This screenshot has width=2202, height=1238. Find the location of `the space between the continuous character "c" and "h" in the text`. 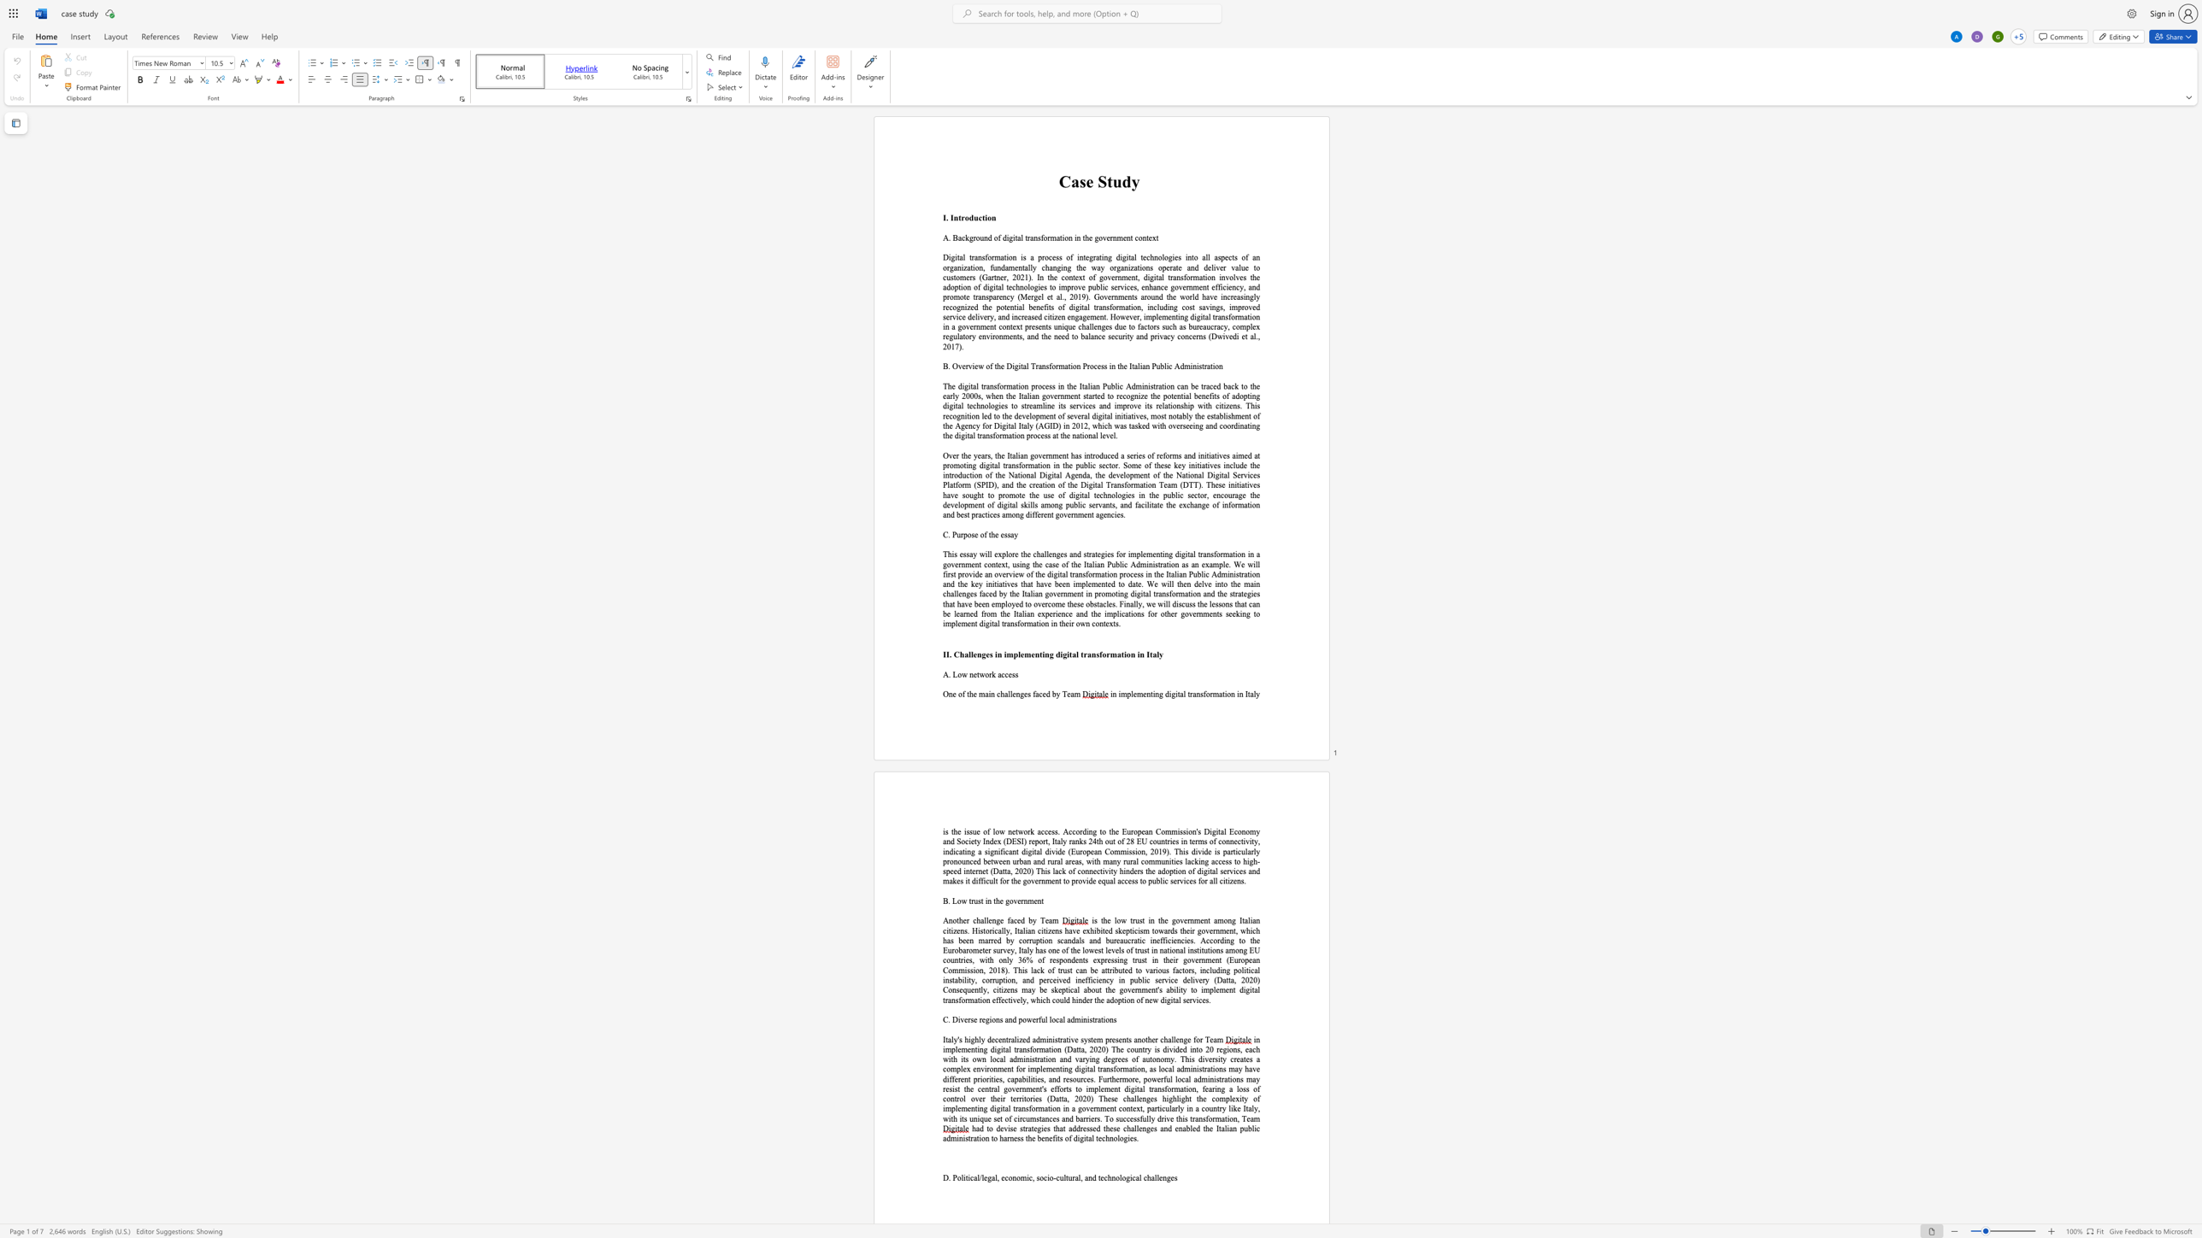

the space between the continuous character "c" and "h" in the text is located at coordinates (975, 920).